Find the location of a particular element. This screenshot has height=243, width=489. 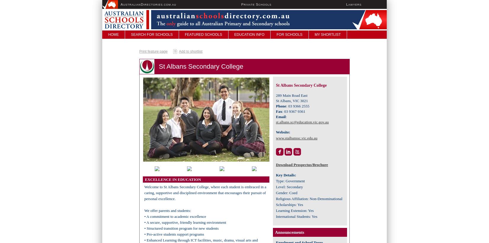

'irectories.com.au' is located at coordinates (159, 4).